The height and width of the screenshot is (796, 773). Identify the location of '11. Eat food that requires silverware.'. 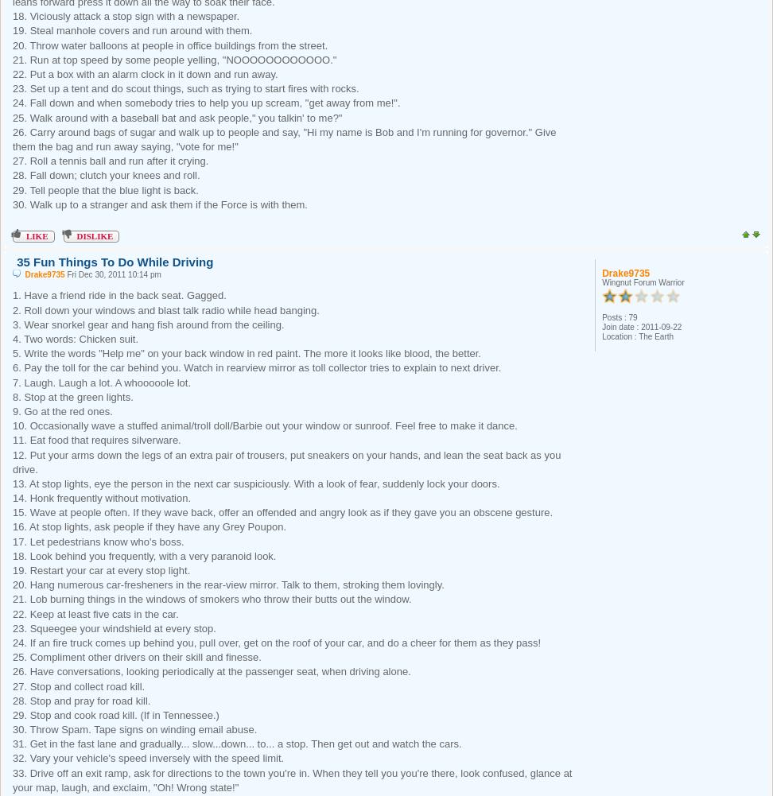
(95, 439).